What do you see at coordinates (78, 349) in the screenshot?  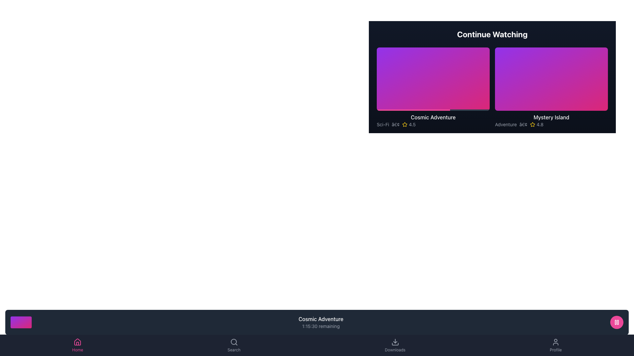 I see `the 'Home' text label in the bottom navigation bar, which is styled in a small font and indicates an active state, located below a house-shaped icon` at bounding box center [78, 349].